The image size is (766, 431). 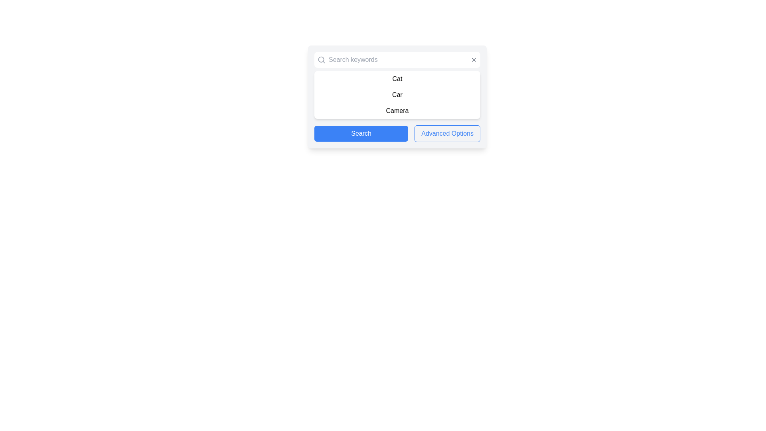 I want to click on the search button located below the search input box, which initiates a search operation when clicked, so click(x=361, y=133).